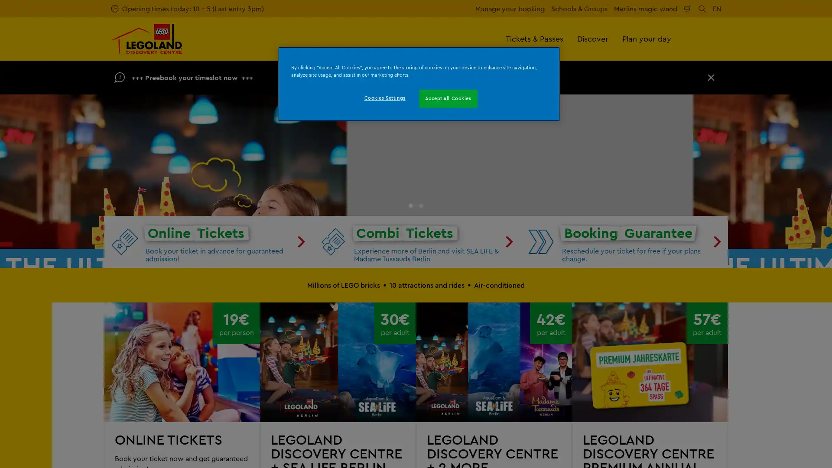 The width and height of the screenshot is (832, 468). I want to click on Plan your day, so click(647, 38).